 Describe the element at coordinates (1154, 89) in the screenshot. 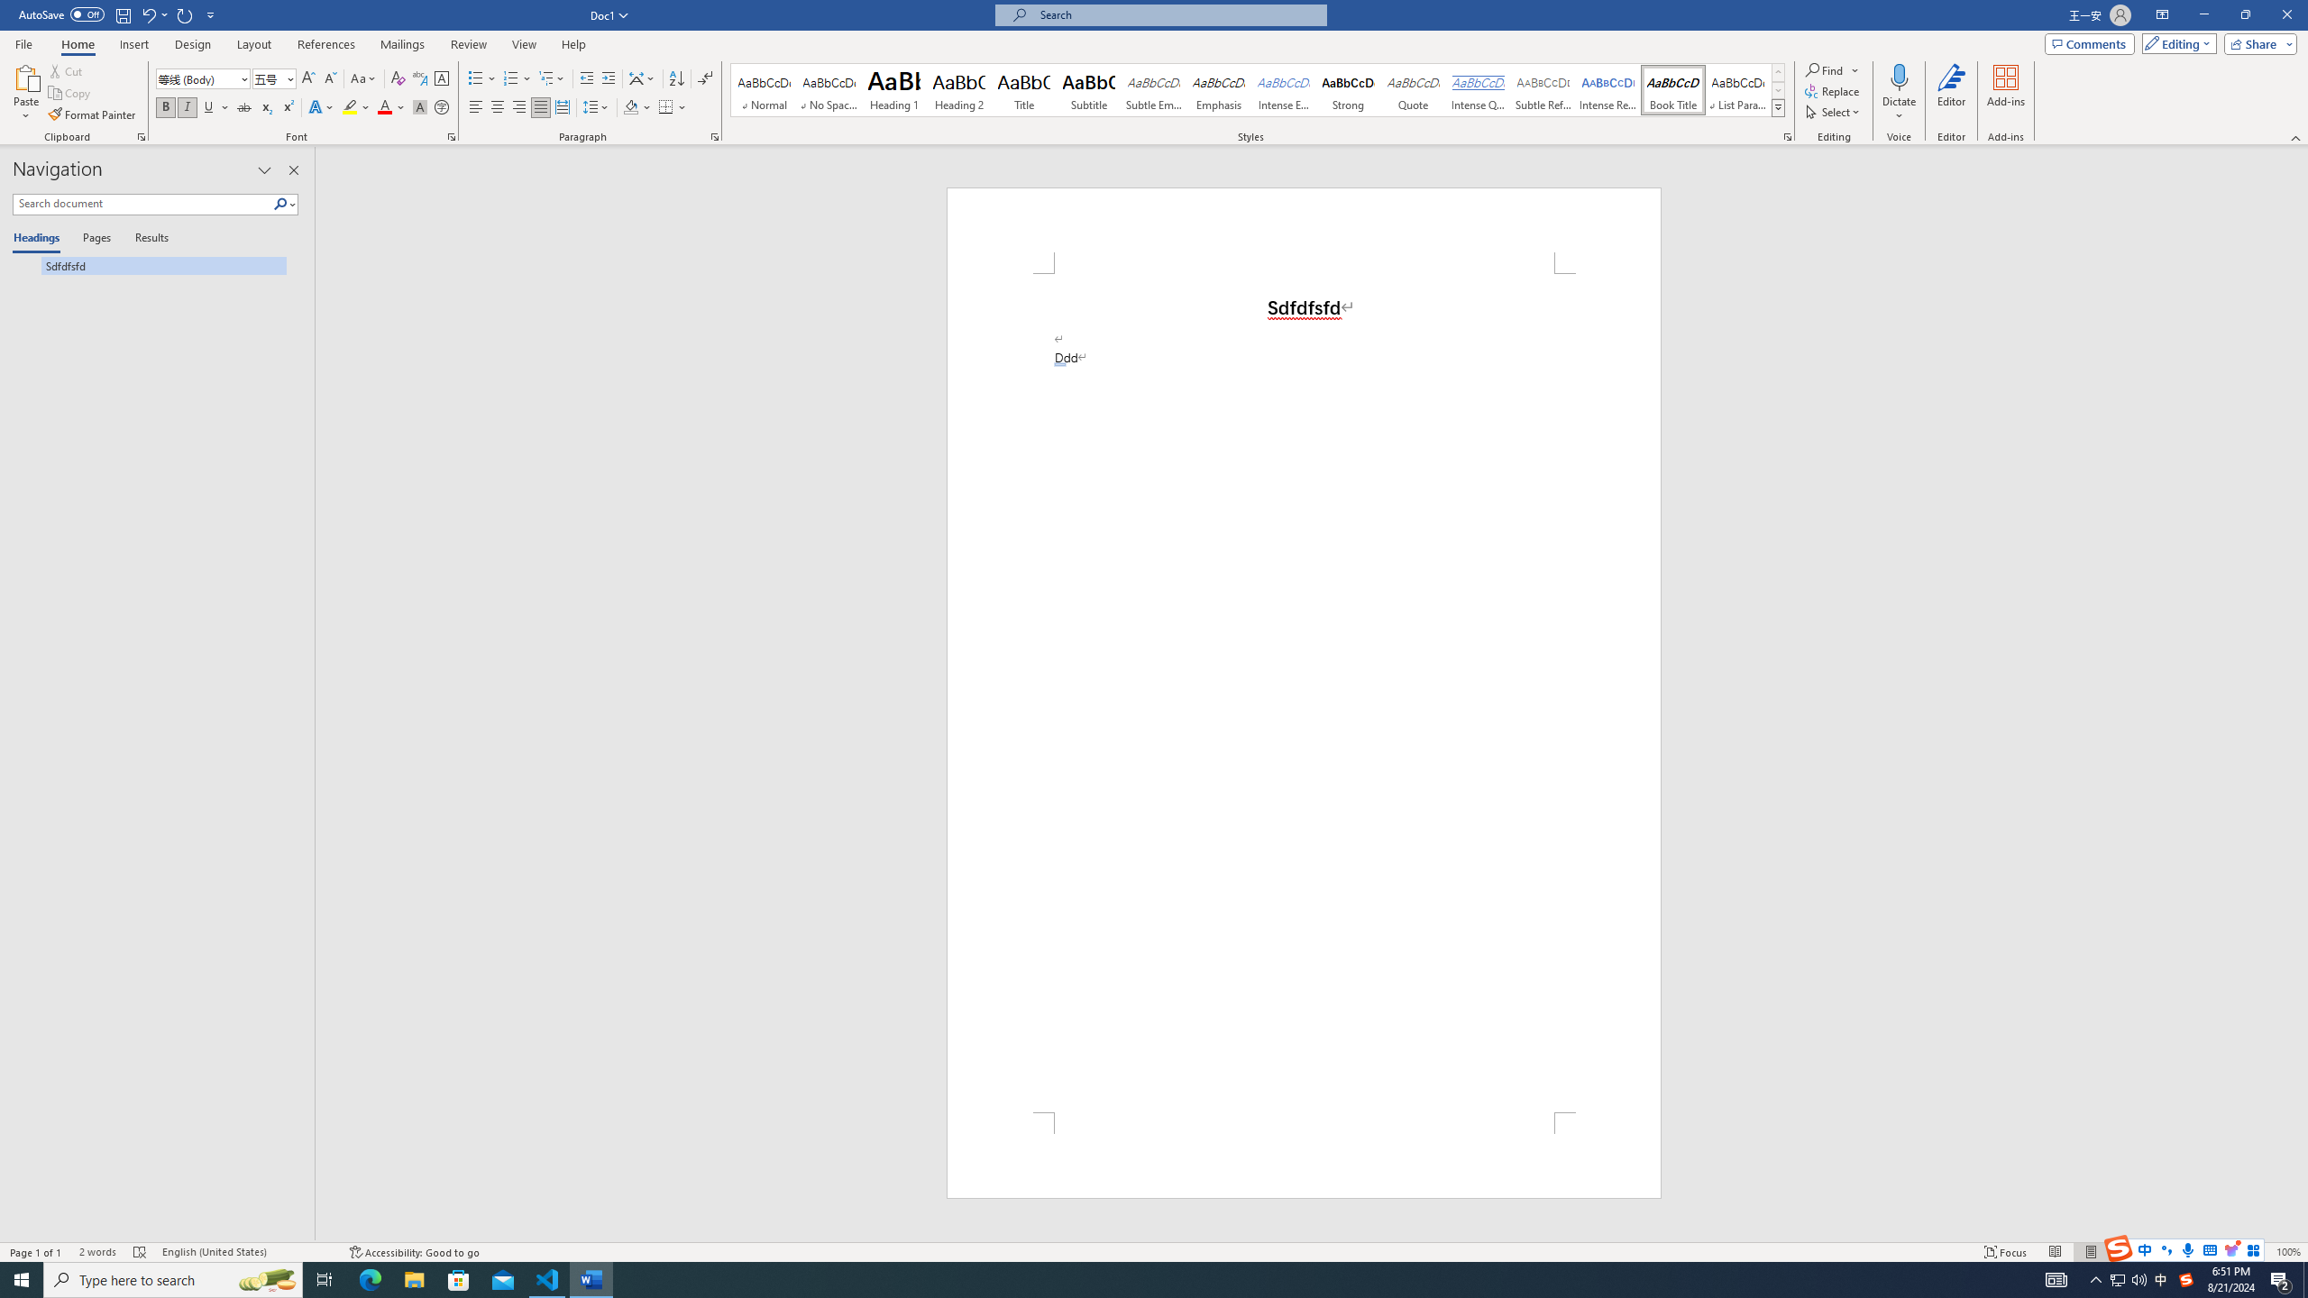

I see `'Subtle Emphasis'` at that location.